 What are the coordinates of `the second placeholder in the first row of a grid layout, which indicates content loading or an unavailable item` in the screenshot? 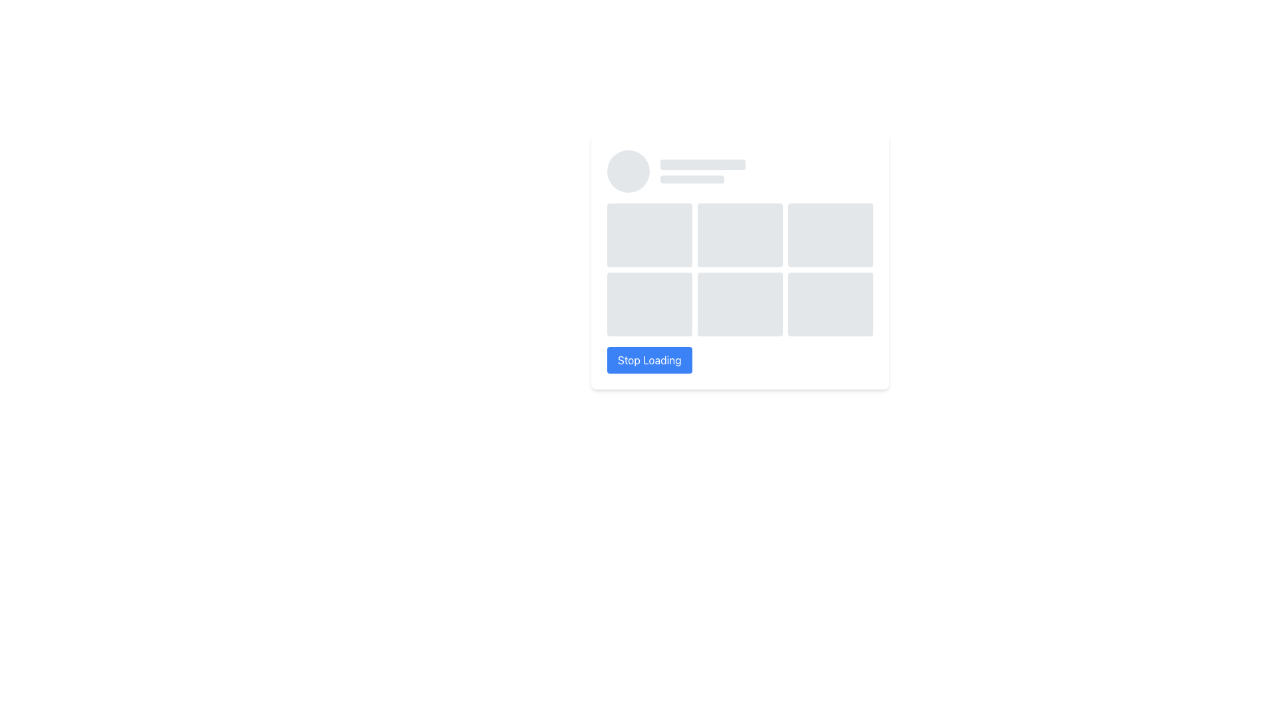 It's located at (740, 235).